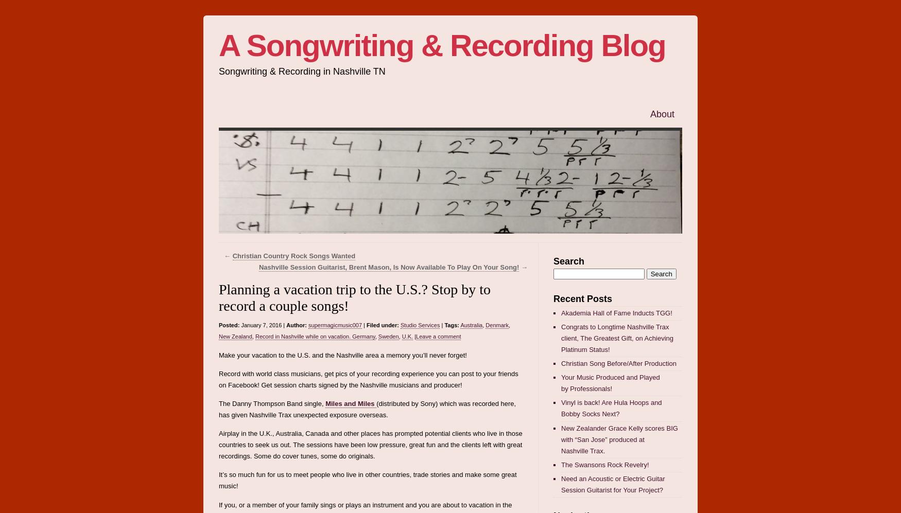  I want to click on 'Author:', so click(296, 324).